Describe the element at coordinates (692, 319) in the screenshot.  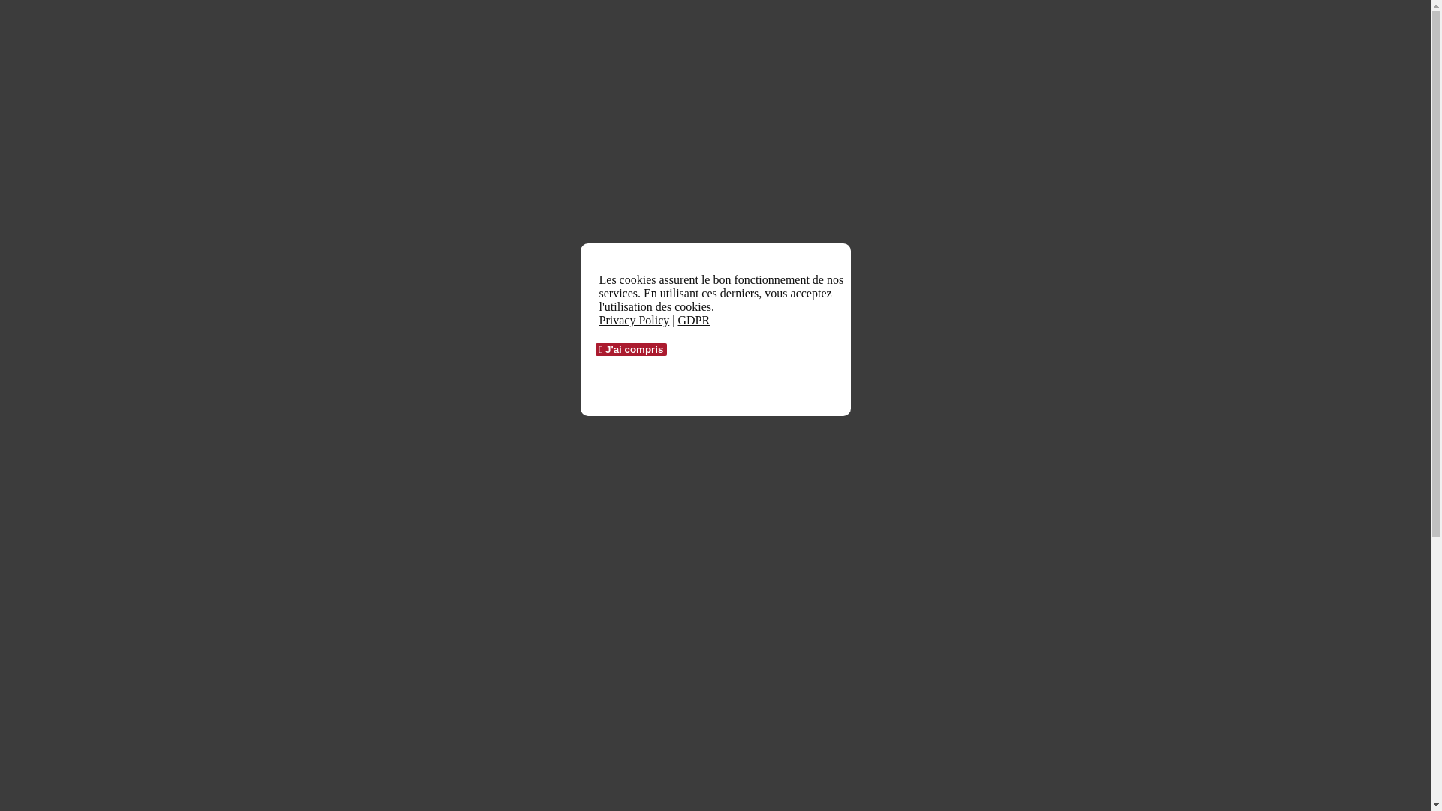
I see `'GDPR'` at that location.